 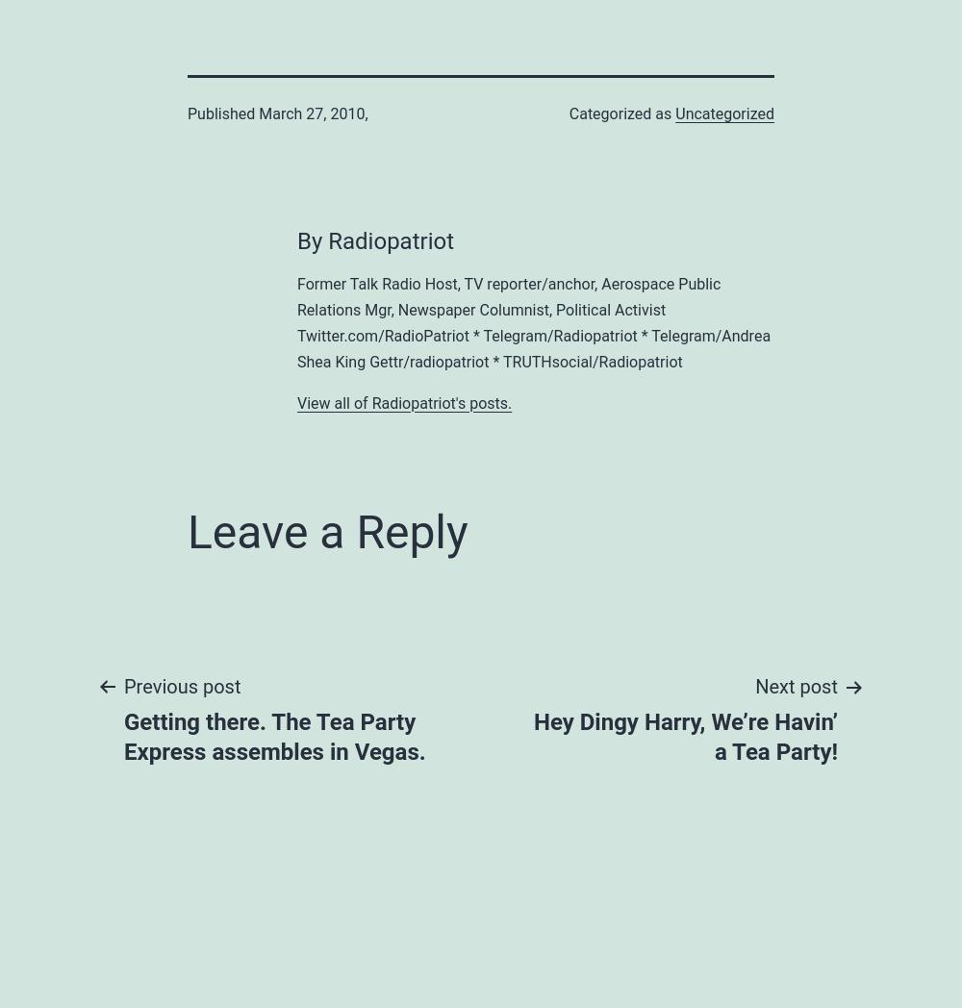 What do you see at coordinates (796, 686) in the screenshot?
I see `'Next post'` at bounding box center [796, 686].